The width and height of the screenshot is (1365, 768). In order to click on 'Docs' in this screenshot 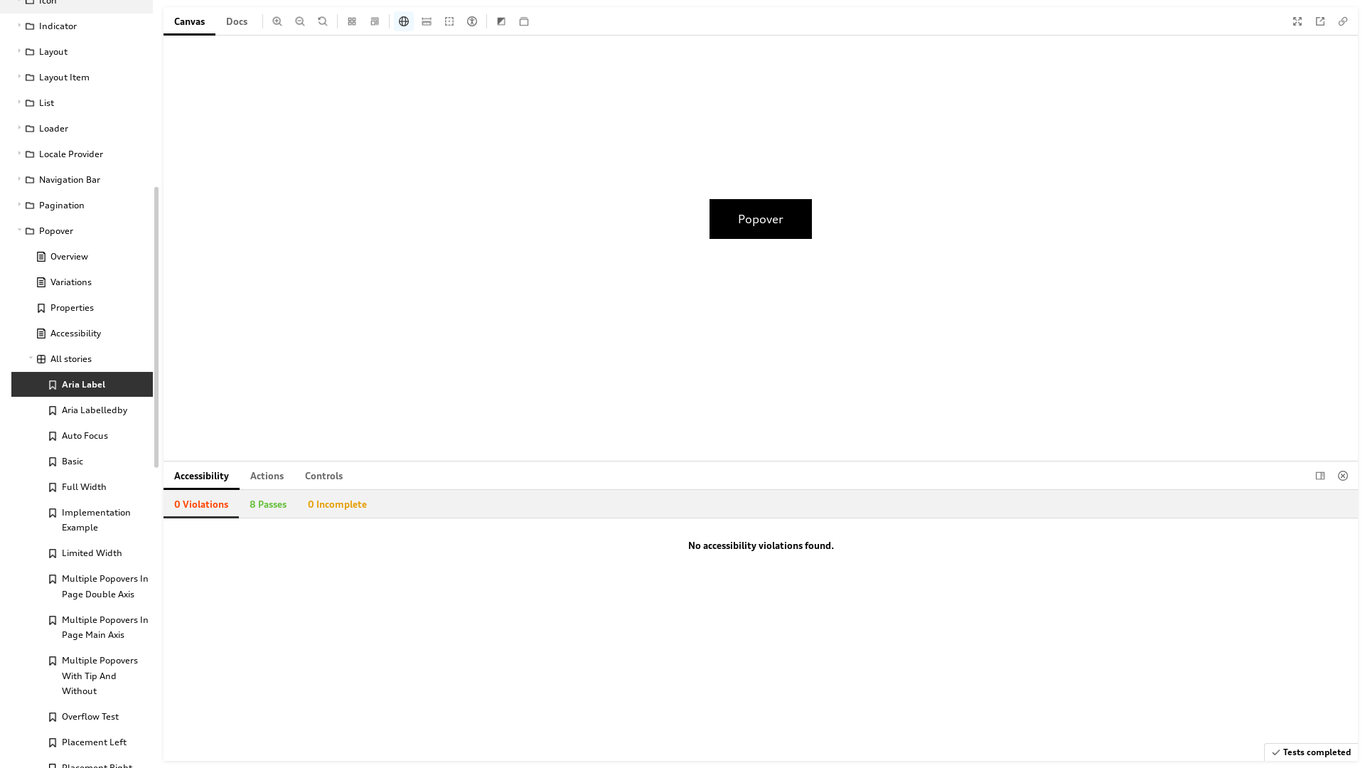, I will do `click(236, 21)`.